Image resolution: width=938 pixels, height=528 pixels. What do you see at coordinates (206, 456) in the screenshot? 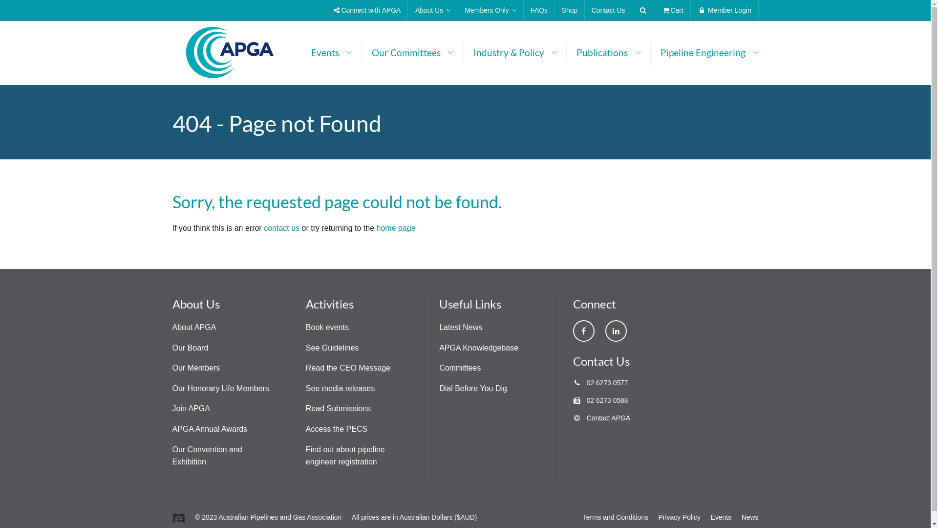
I see `'Our Convention and Exhibition'` at bounding box center [206, 456].